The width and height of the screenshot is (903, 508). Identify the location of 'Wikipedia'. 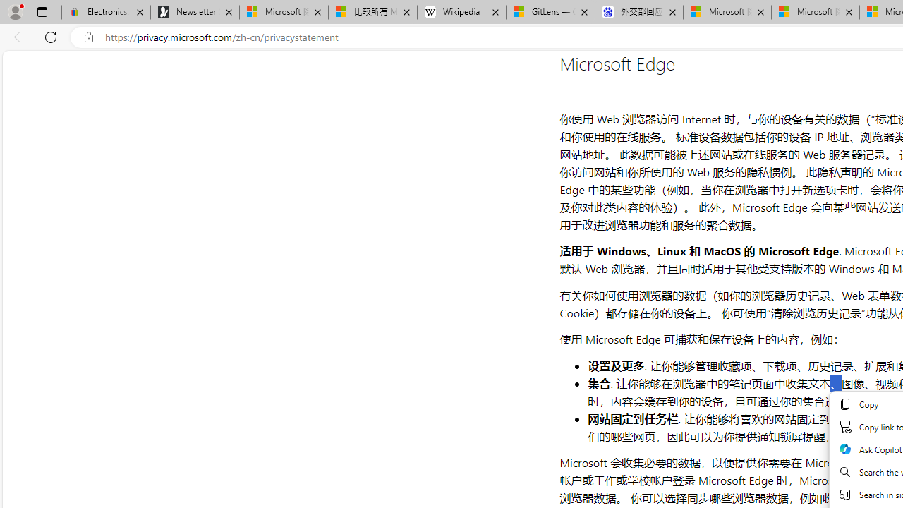
(461, 12).